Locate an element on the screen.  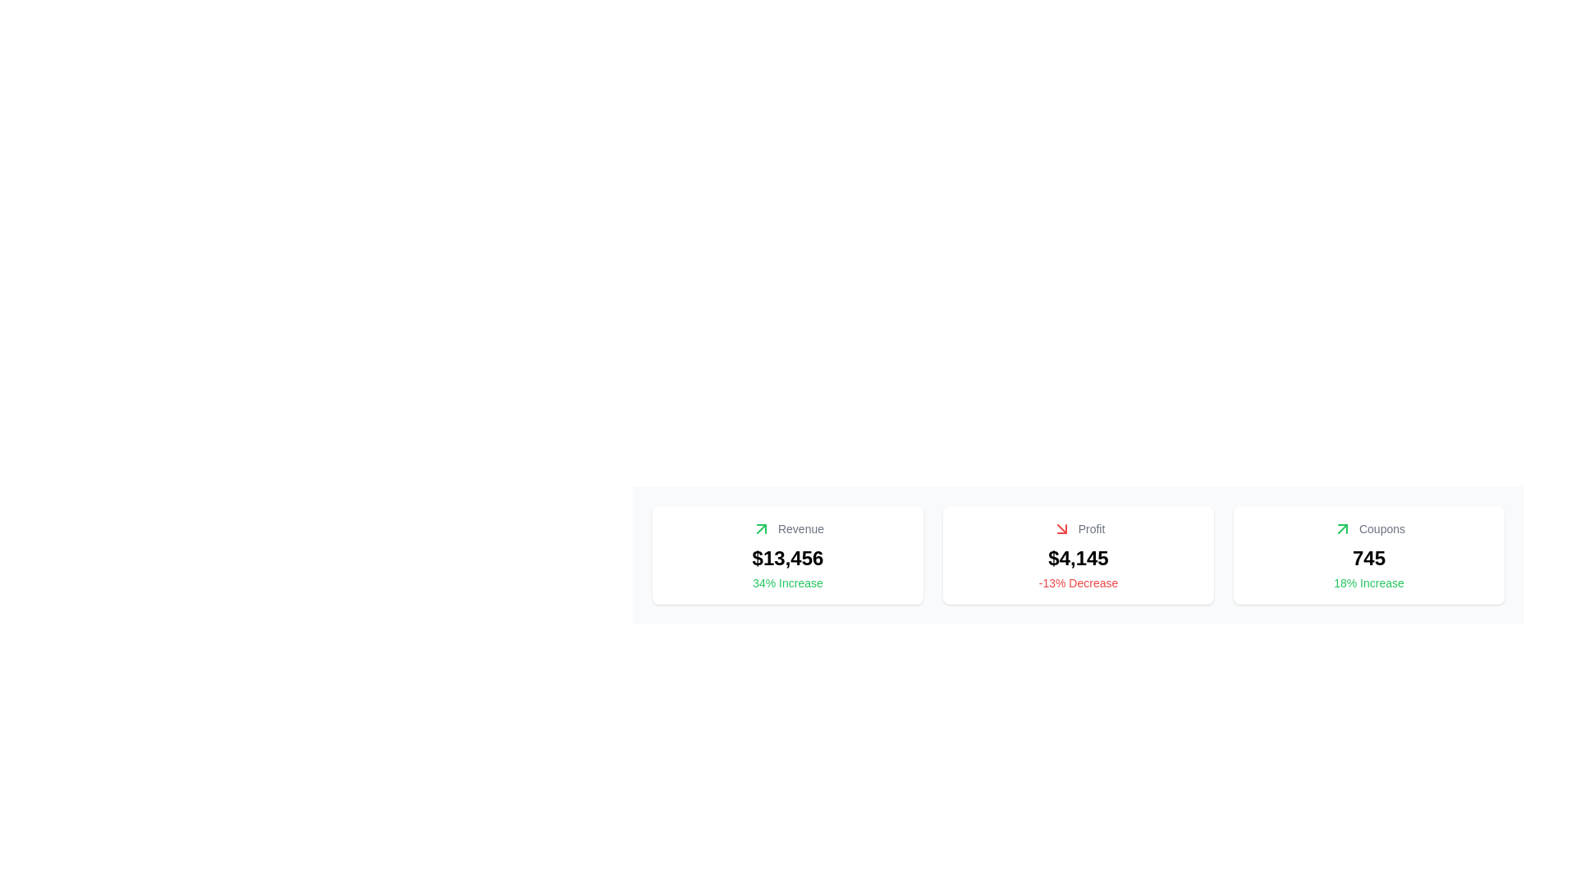
the static text label that indicates the growth percentage of the revenue metric, which is located below the bold text '$13,456' within a card-like component in the leftmost column of a three-column structure is located at coordinates (788, 582).